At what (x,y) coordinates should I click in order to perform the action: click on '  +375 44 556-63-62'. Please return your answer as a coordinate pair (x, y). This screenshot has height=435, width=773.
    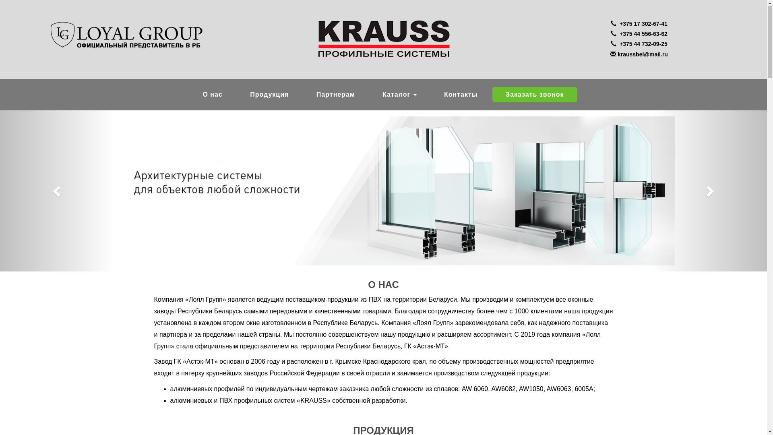
    Looking at the image, I should click on (639, 34).